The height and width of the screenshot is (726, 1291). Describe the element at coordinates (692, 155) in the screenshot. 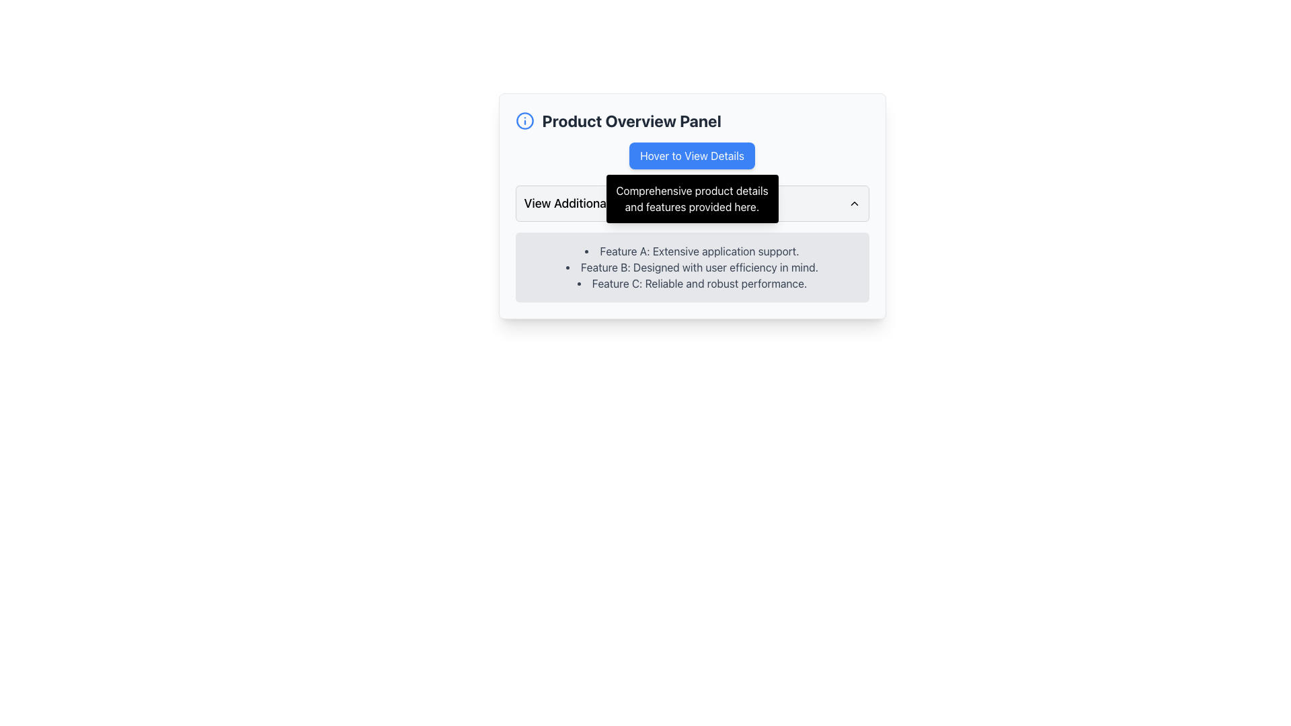

I see `the button that reveals additional product details, which activates a tooltip with further information` at that location.